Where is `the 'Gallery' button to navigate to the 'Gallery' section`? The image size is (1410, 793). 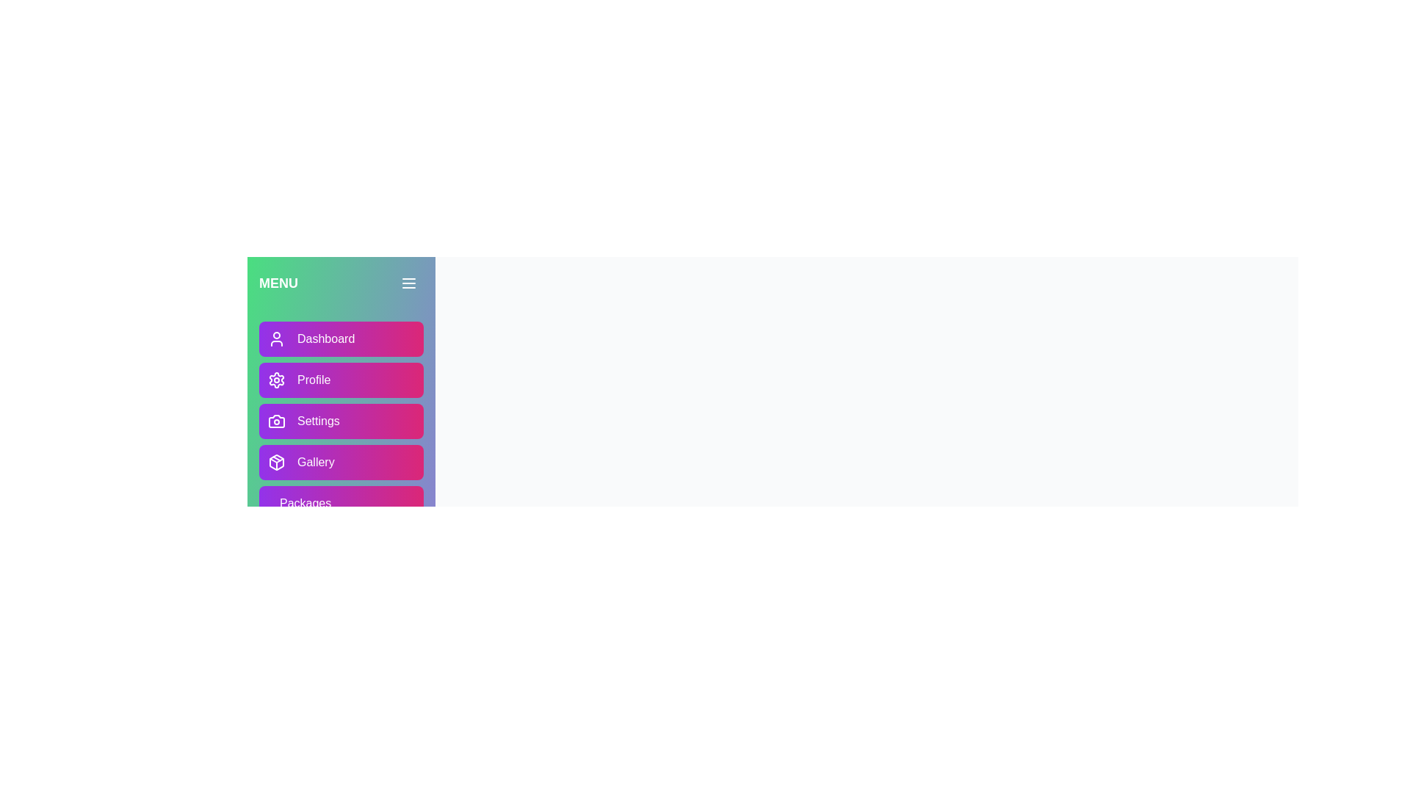
the 'Gallery' button to navigate to the 'Gallery' section is located at coordinates (341, 461).